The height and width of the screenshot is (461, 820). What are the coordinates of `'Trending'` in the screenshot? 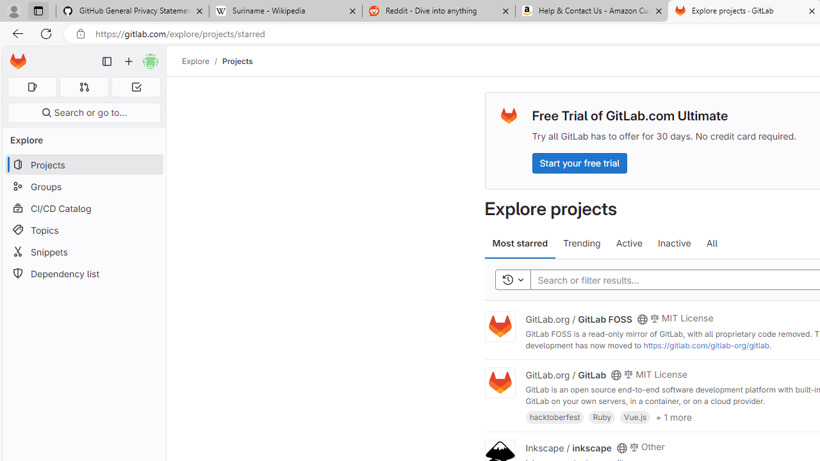 It's located at (581, 243).